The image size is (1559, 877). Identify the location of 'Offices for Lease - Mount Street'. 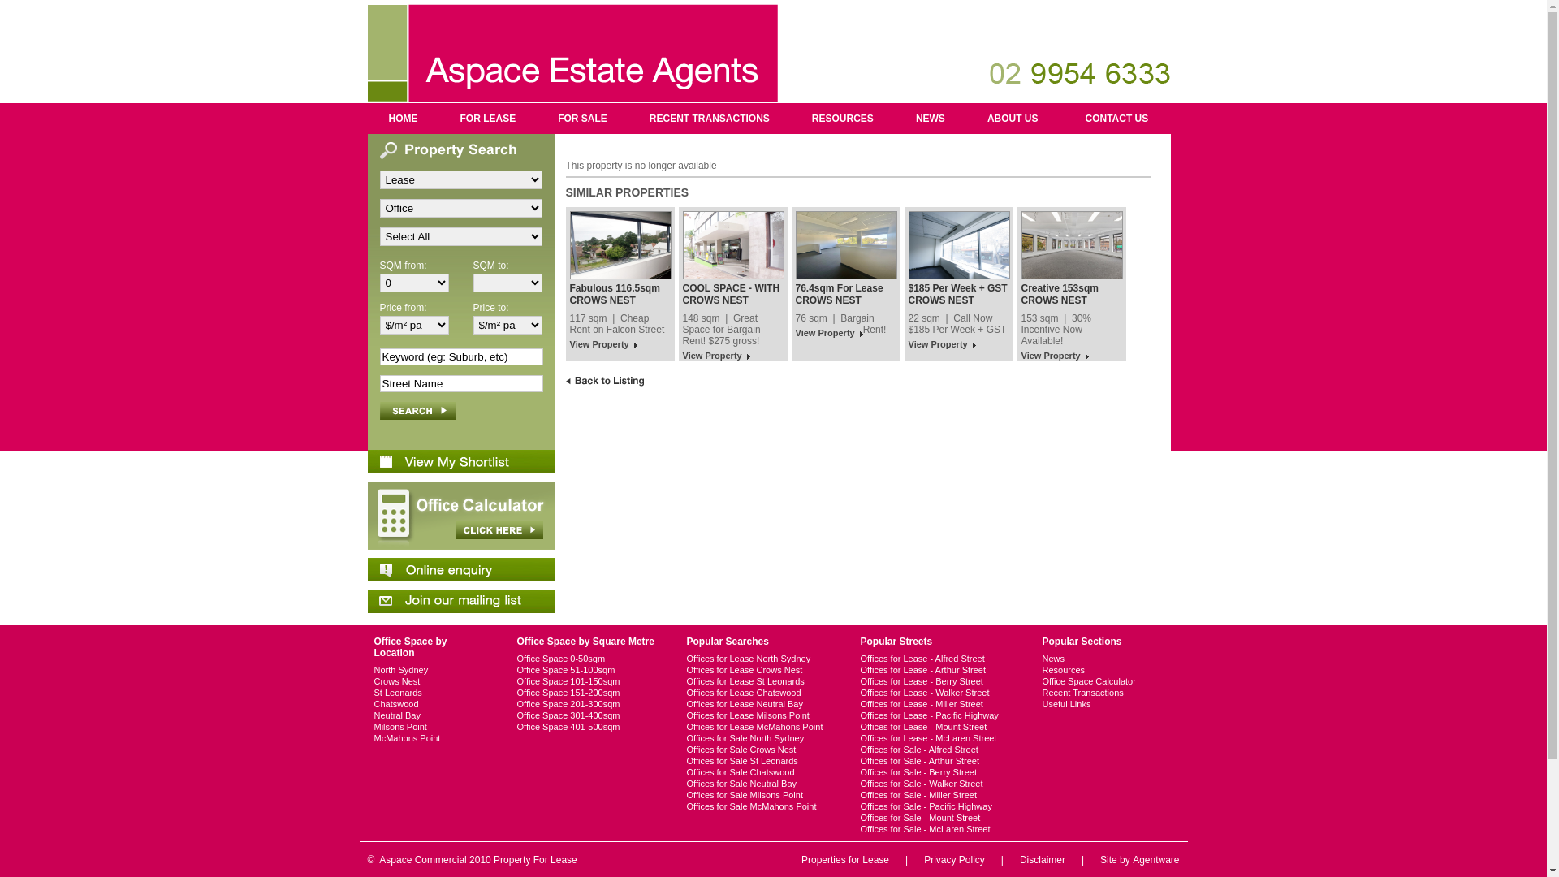
(938, 725).